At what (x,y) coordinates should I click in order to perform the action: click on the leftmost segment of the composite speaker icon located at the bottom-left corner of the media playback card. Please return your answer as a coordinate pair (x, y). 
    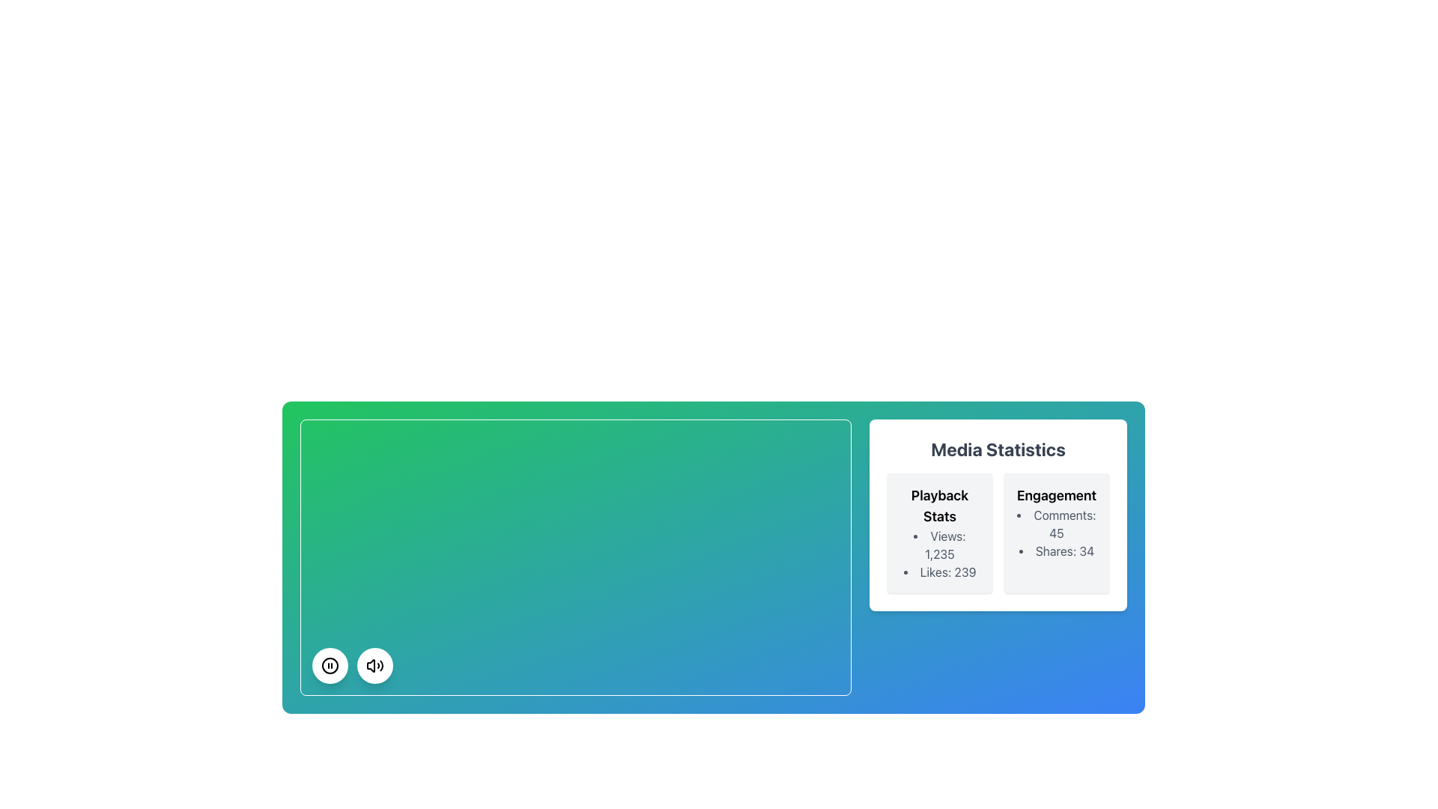
    Looking at the image, I should click on (371, 664).